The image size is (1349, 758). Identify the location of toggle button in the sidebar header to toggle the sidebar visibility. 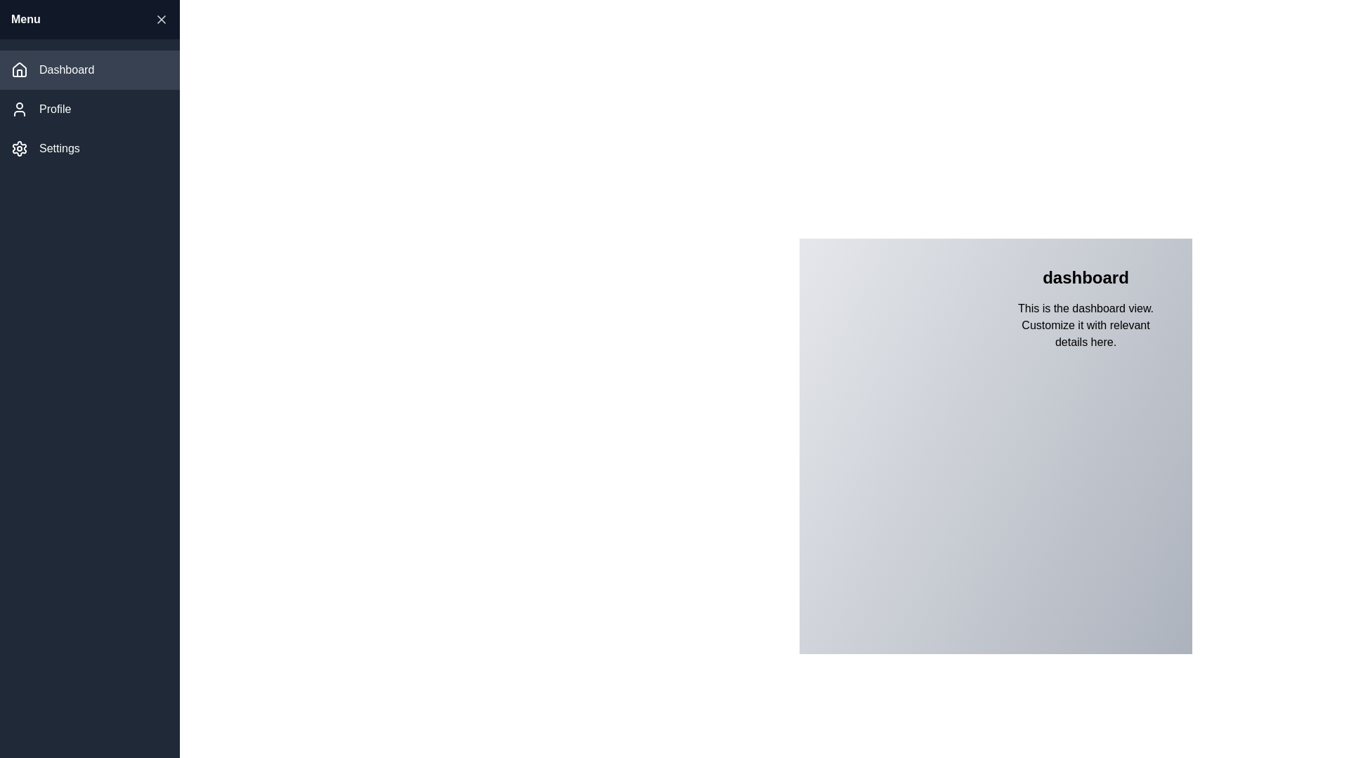
(162, 19).